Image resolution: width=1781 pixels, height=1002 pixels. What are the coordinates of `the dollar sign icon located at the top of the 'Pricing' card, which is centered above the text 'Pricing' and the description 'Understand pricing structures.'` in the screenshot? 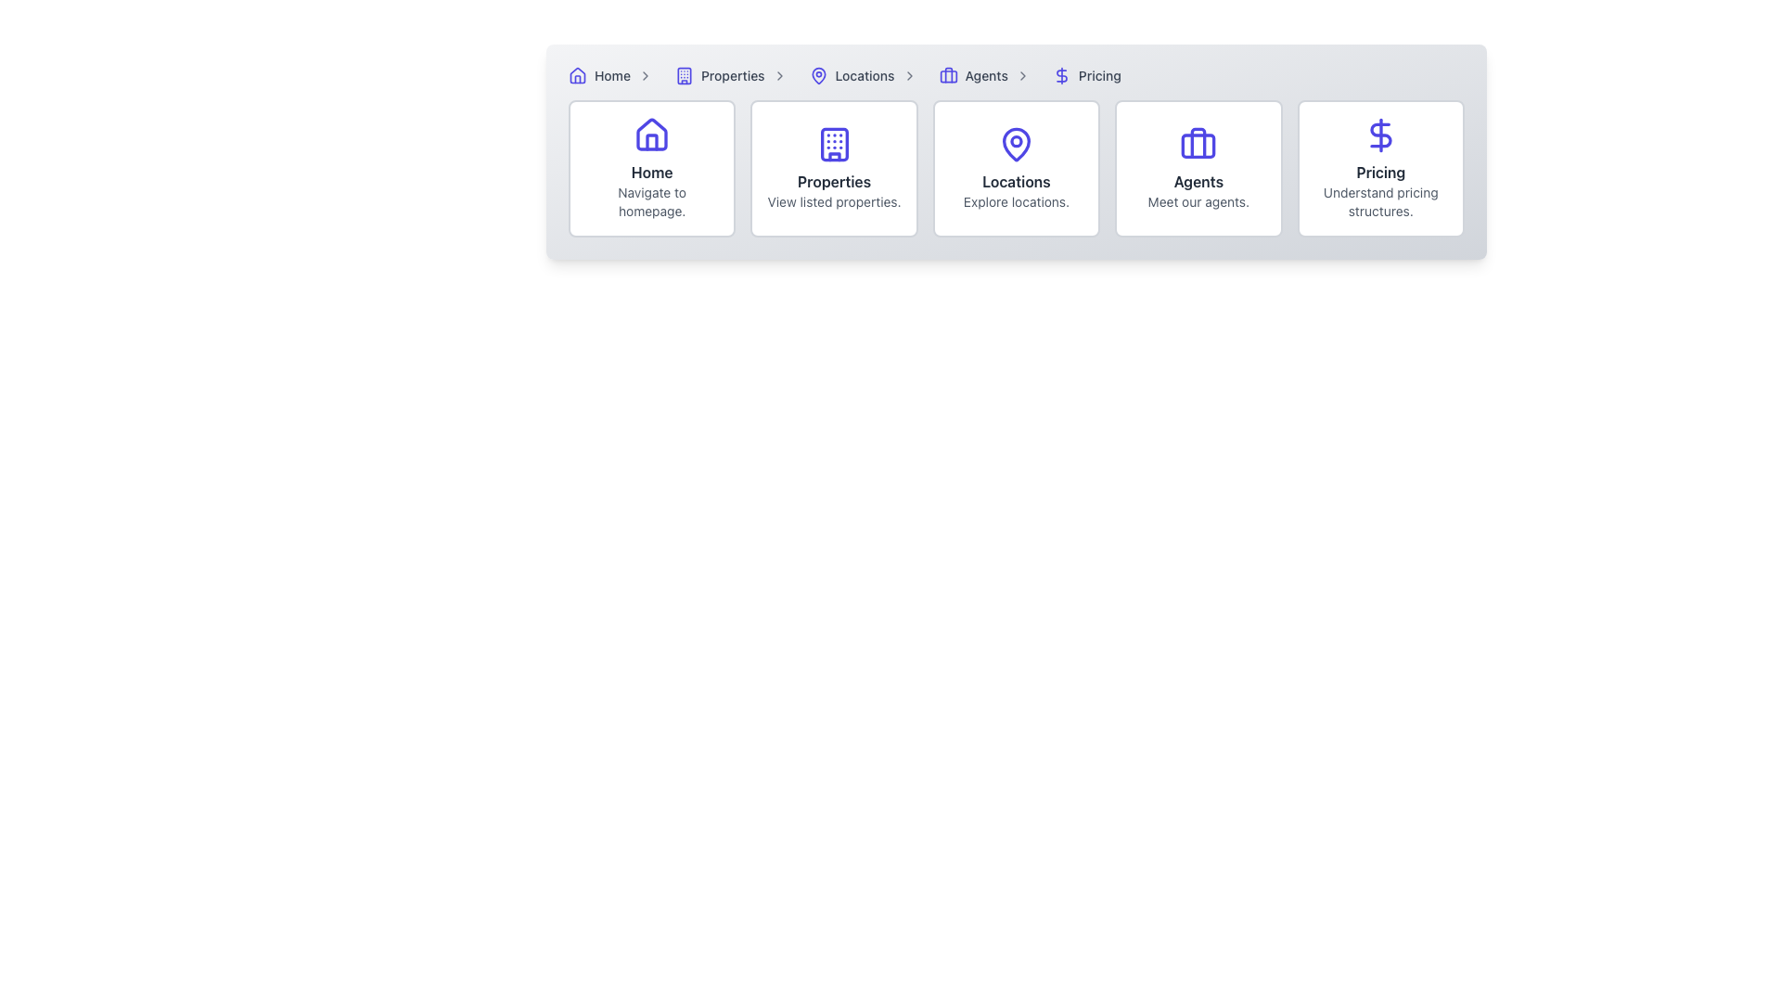 It's located at (1380, 135).